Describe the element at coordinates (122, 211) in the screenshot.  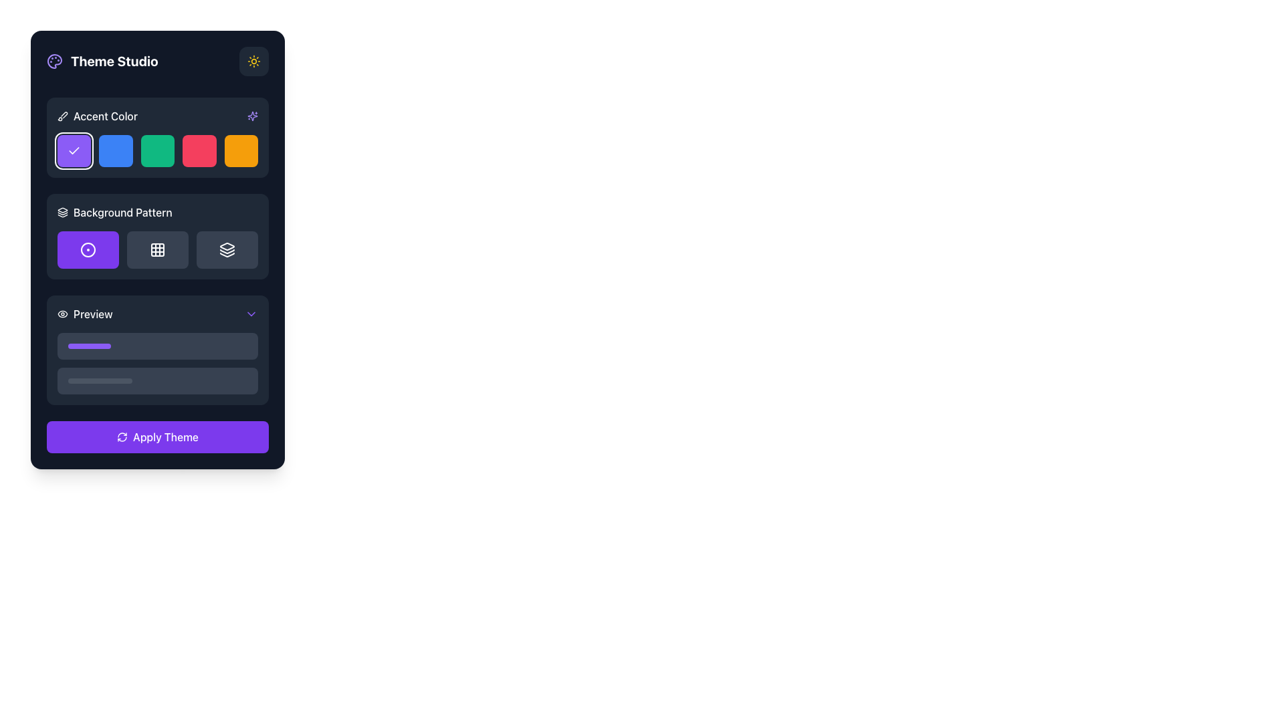
I see `the 'Background Pattern' text label in the 'Theme Studio' panel, which is positioned in the middle-left area of the interface, below the 'Accent Color' section` at that location.